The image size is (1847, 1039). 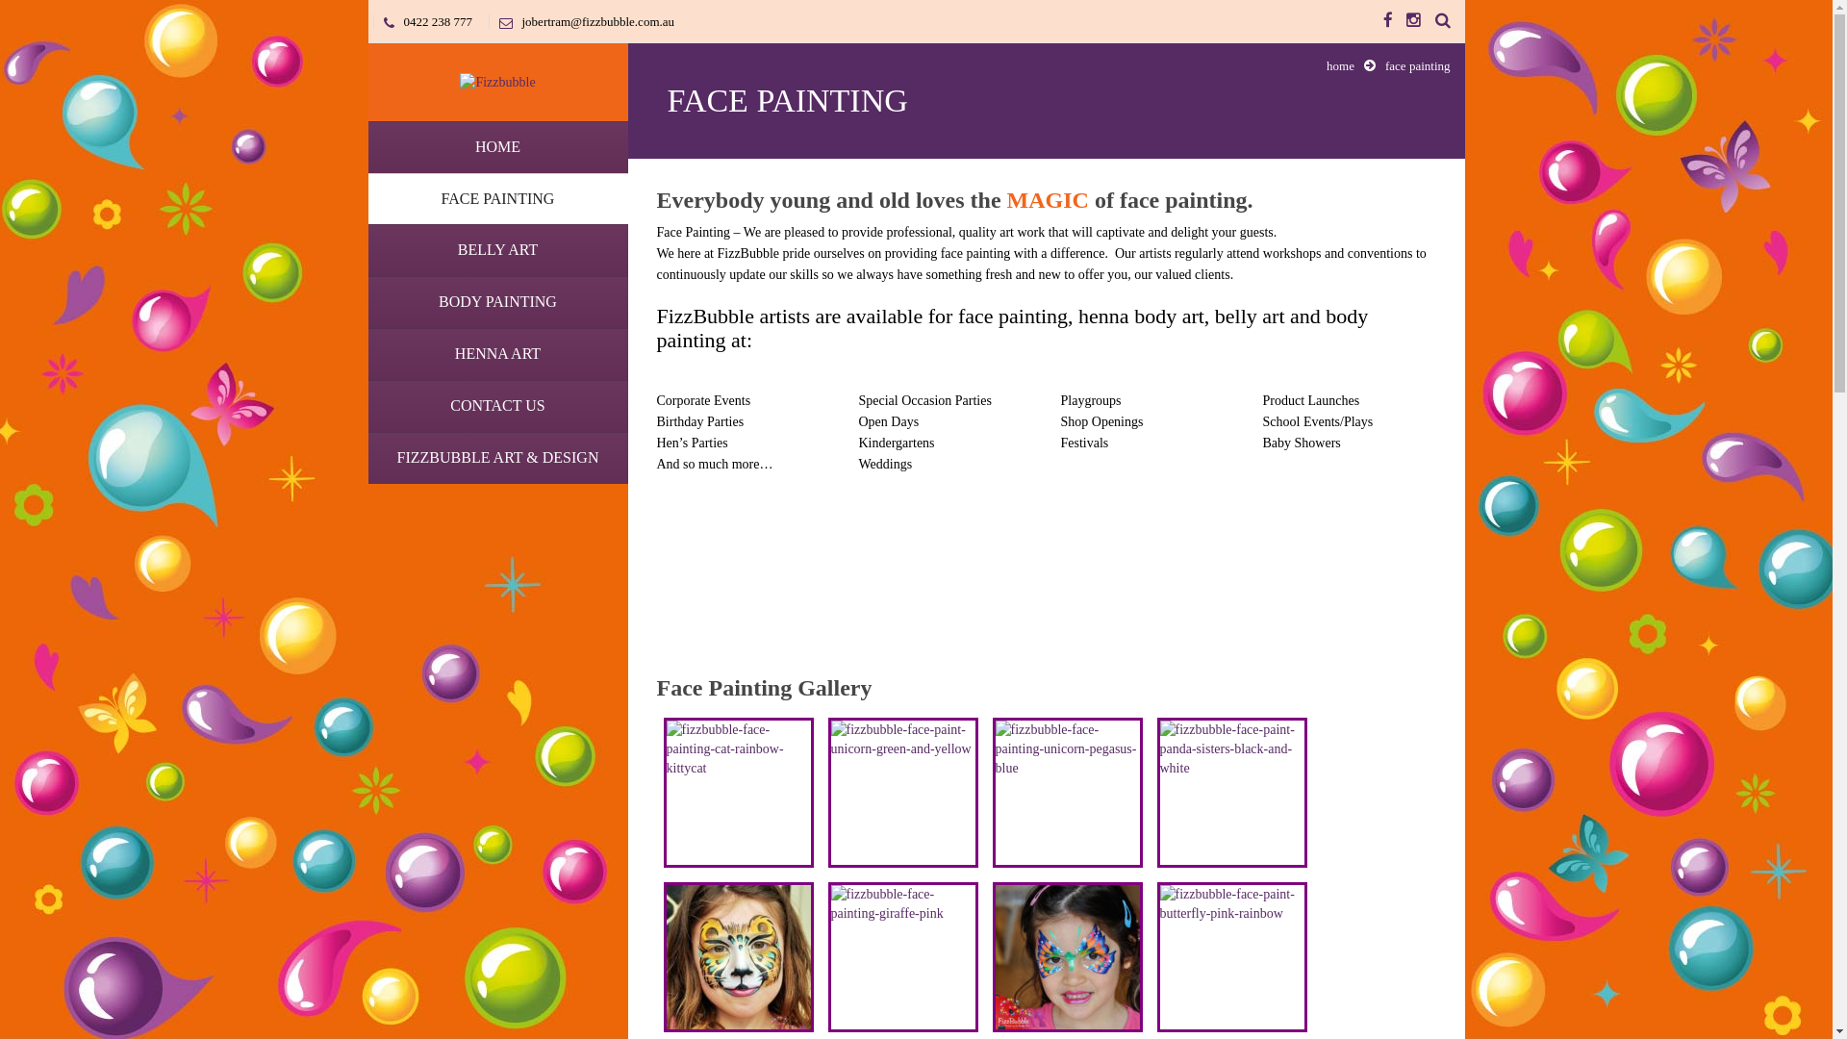 I want to click on 'CONTACT US', so click(x=497, y=404).